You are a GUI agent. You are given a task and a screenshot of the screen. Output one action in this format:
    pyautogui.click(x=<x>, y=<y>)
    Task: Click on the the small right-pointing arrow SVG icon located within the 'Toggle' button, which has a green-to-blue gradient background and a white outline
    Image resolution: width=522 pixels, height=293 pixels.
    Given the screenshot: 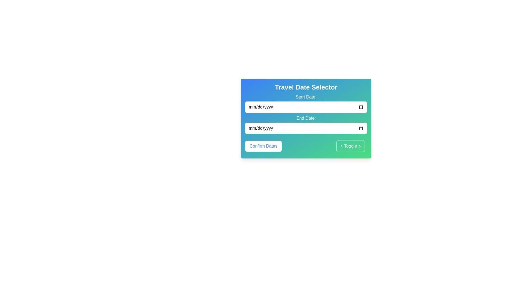 What is the action you would take?
    pyautogui.click(x=360, y=146)
    